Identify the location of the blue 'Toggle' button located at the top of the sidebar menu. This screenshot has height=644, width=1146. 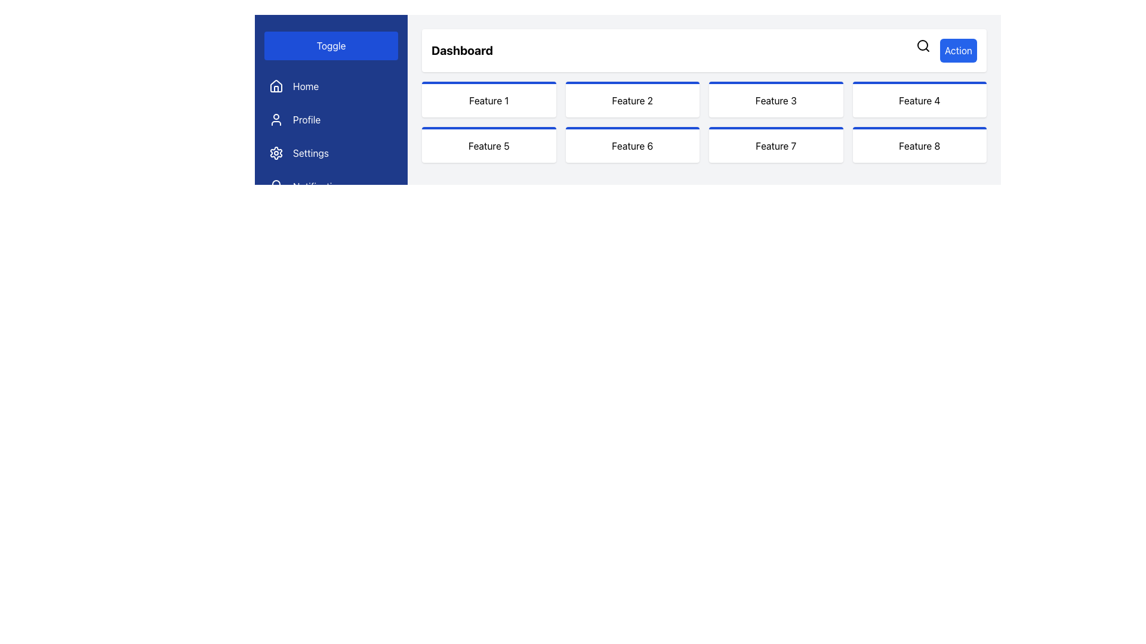
(331, 45).